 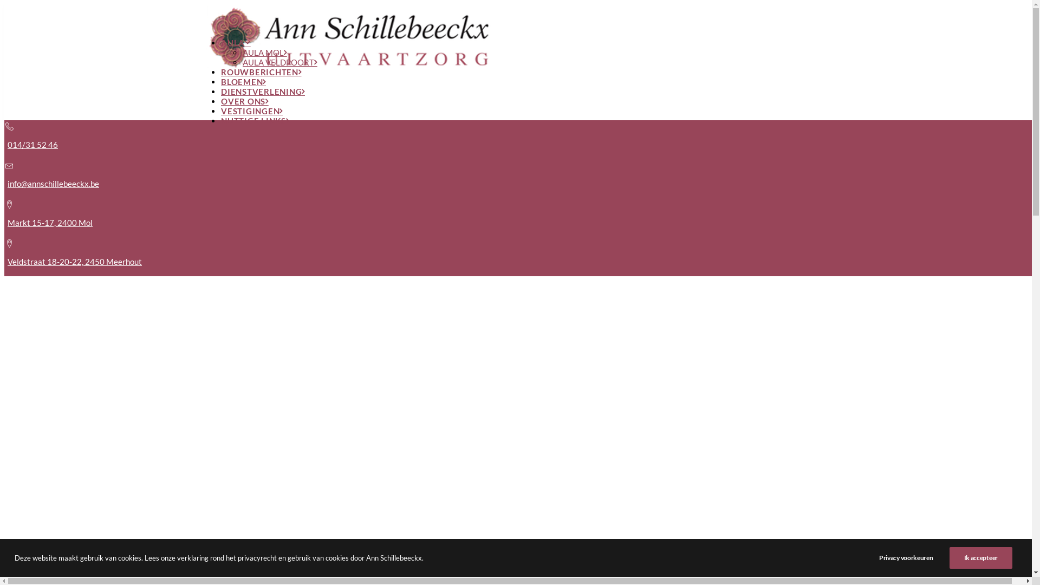 What do you see at coordinates (32, 144) in the screenshot?
I see `'014/31 52 46'` at bounding box center [32, 144].